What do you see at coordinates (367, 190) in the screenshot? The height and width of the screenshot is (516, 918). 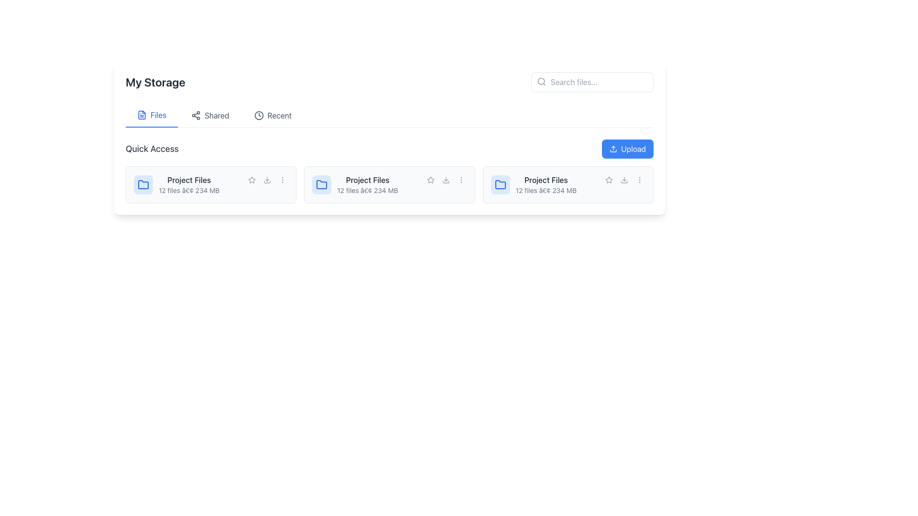 I see `the label displaying '12 files â€¢ 234 MB' located beneath the 'Project Files' title in the 'Quick Access' section of 'My Storage'` at bounding box center [367, 190].